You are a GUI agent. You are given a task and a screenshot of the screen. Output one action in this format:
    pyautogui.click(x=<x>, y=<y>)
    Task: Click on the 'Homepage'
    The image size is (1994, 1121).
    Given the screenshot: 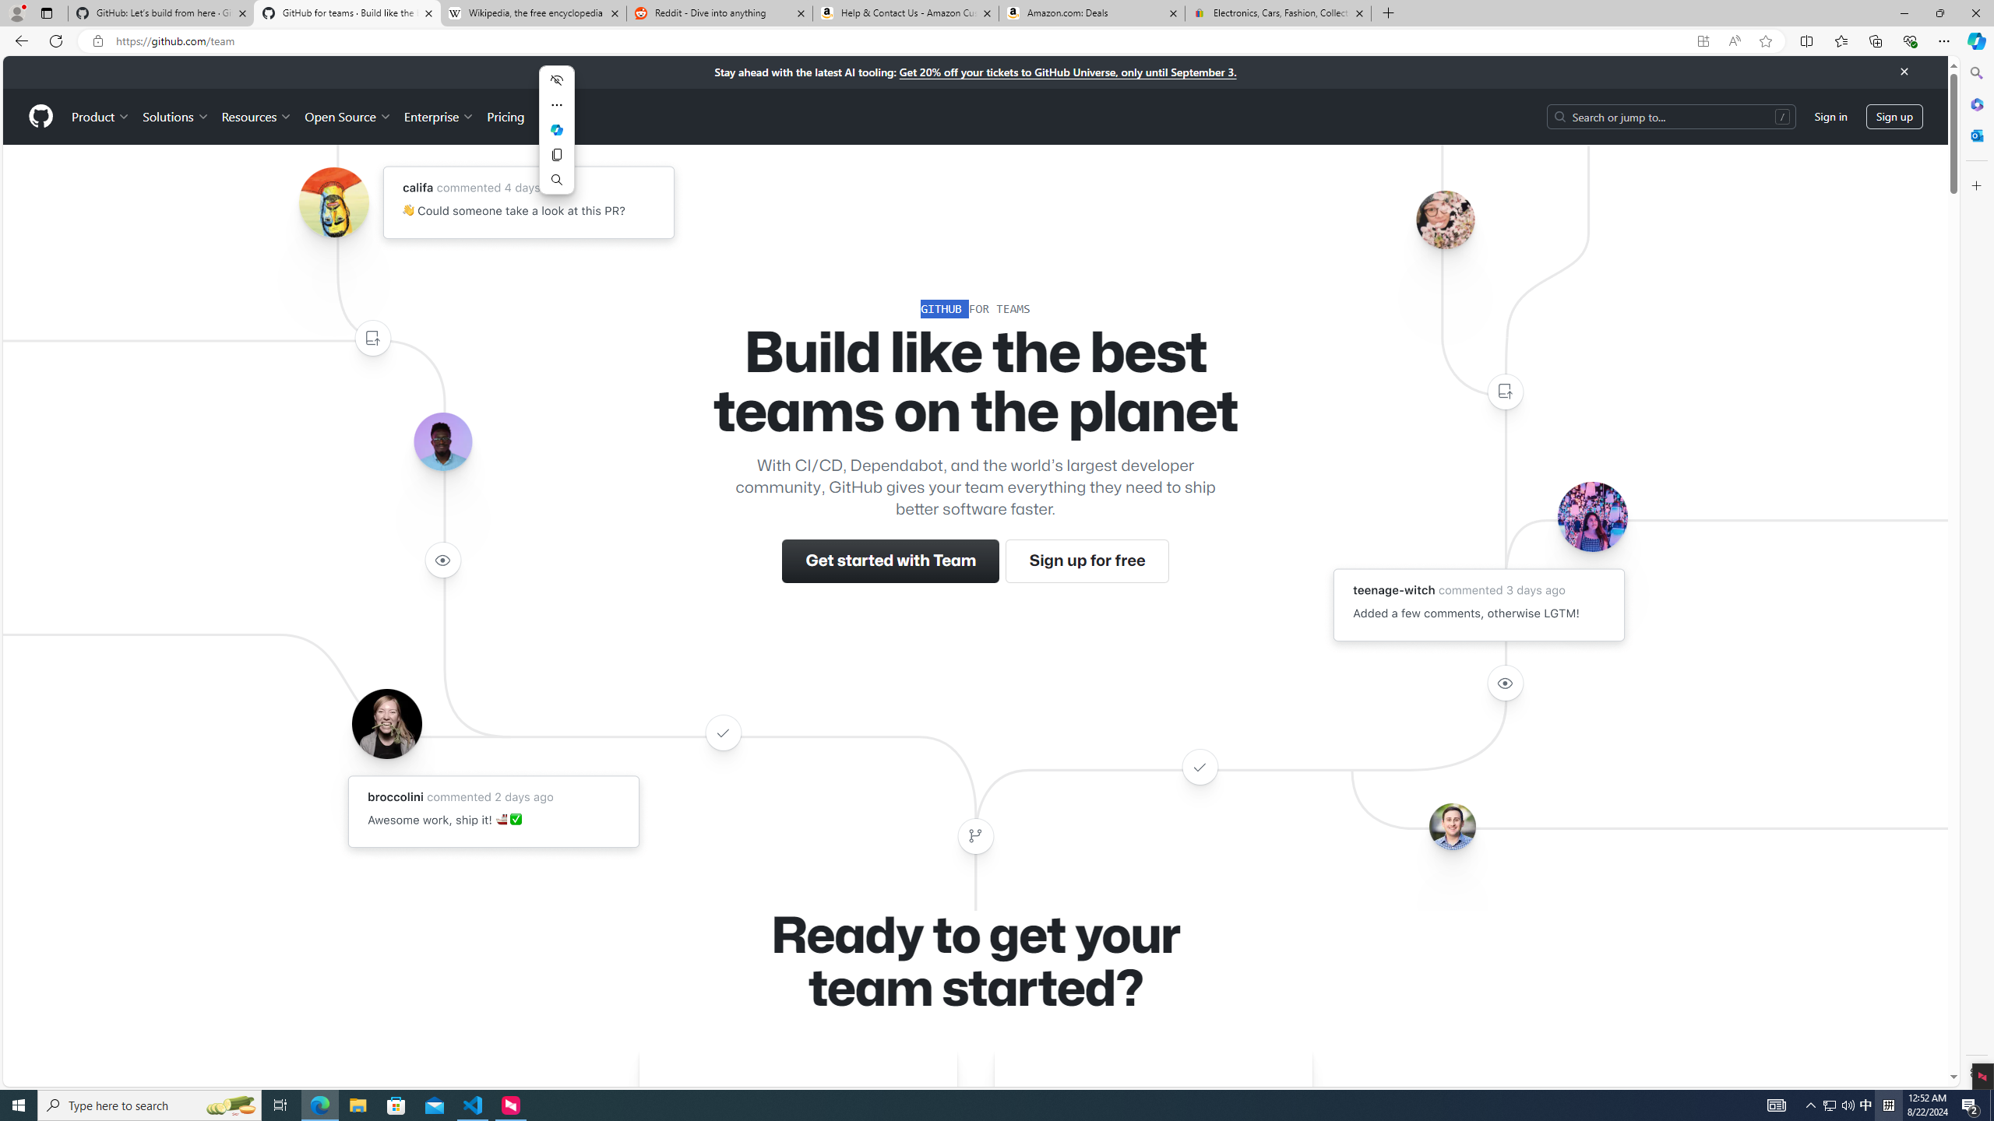 What is the action you would take?
    pyautogui.click(x=41, y=116)
    